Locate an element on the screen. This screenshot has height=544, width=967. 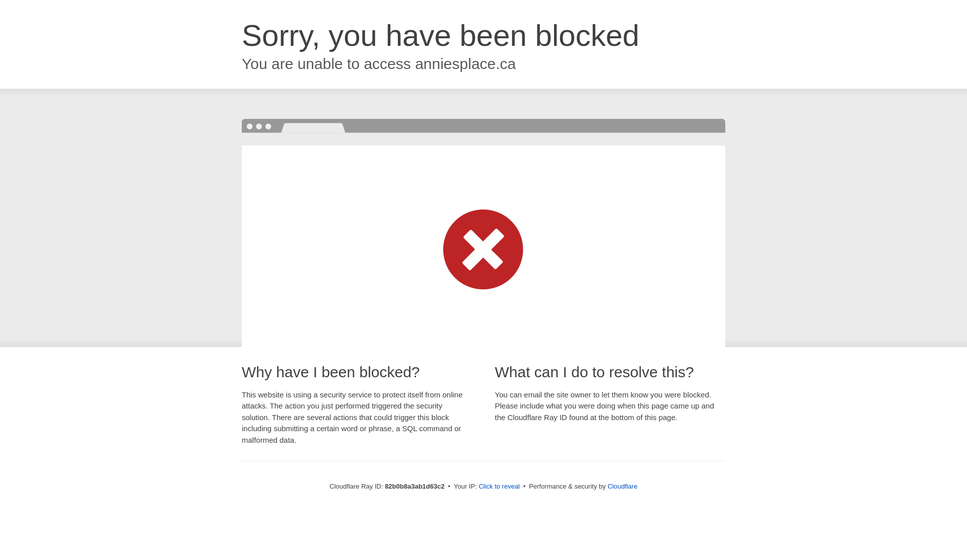
'Cloudflare' is located at coordinates (621, 486).